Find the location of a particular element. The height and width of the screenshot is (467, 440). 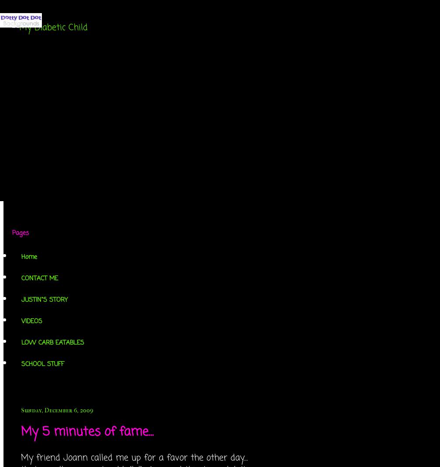

'Home' is located at coordinates (29, 257).